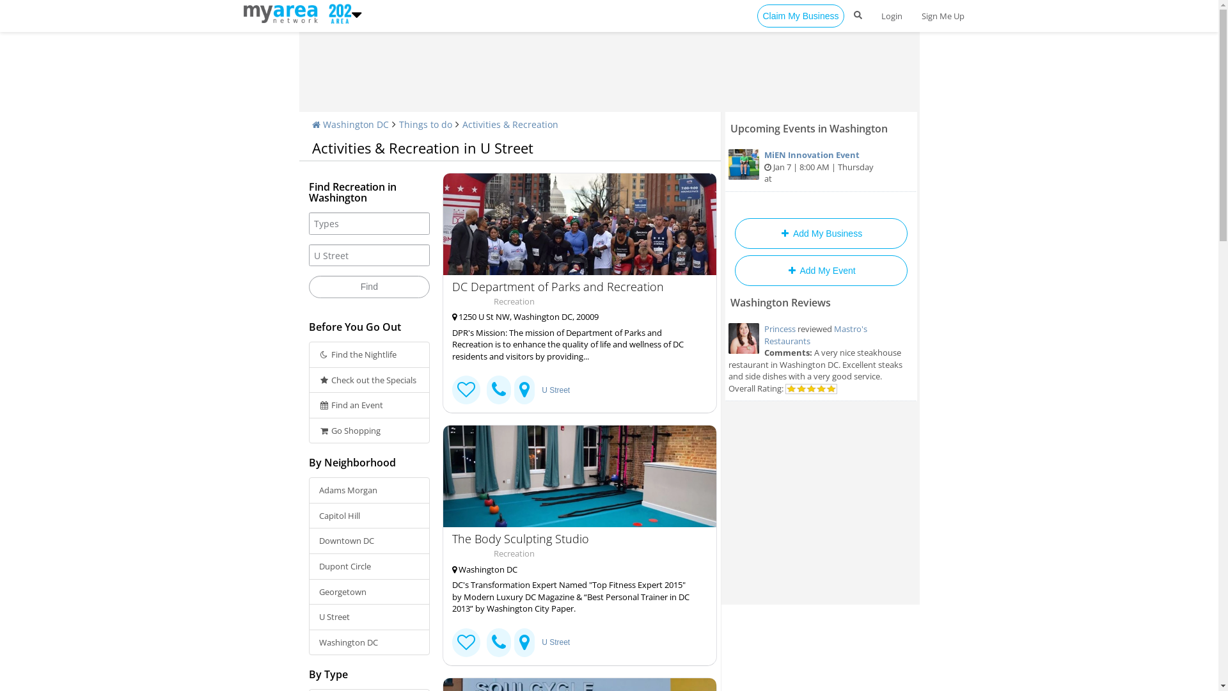 This screenshot has height=691, width=1228. I want to click on 'https://www.202area.com', so click(338, 12).